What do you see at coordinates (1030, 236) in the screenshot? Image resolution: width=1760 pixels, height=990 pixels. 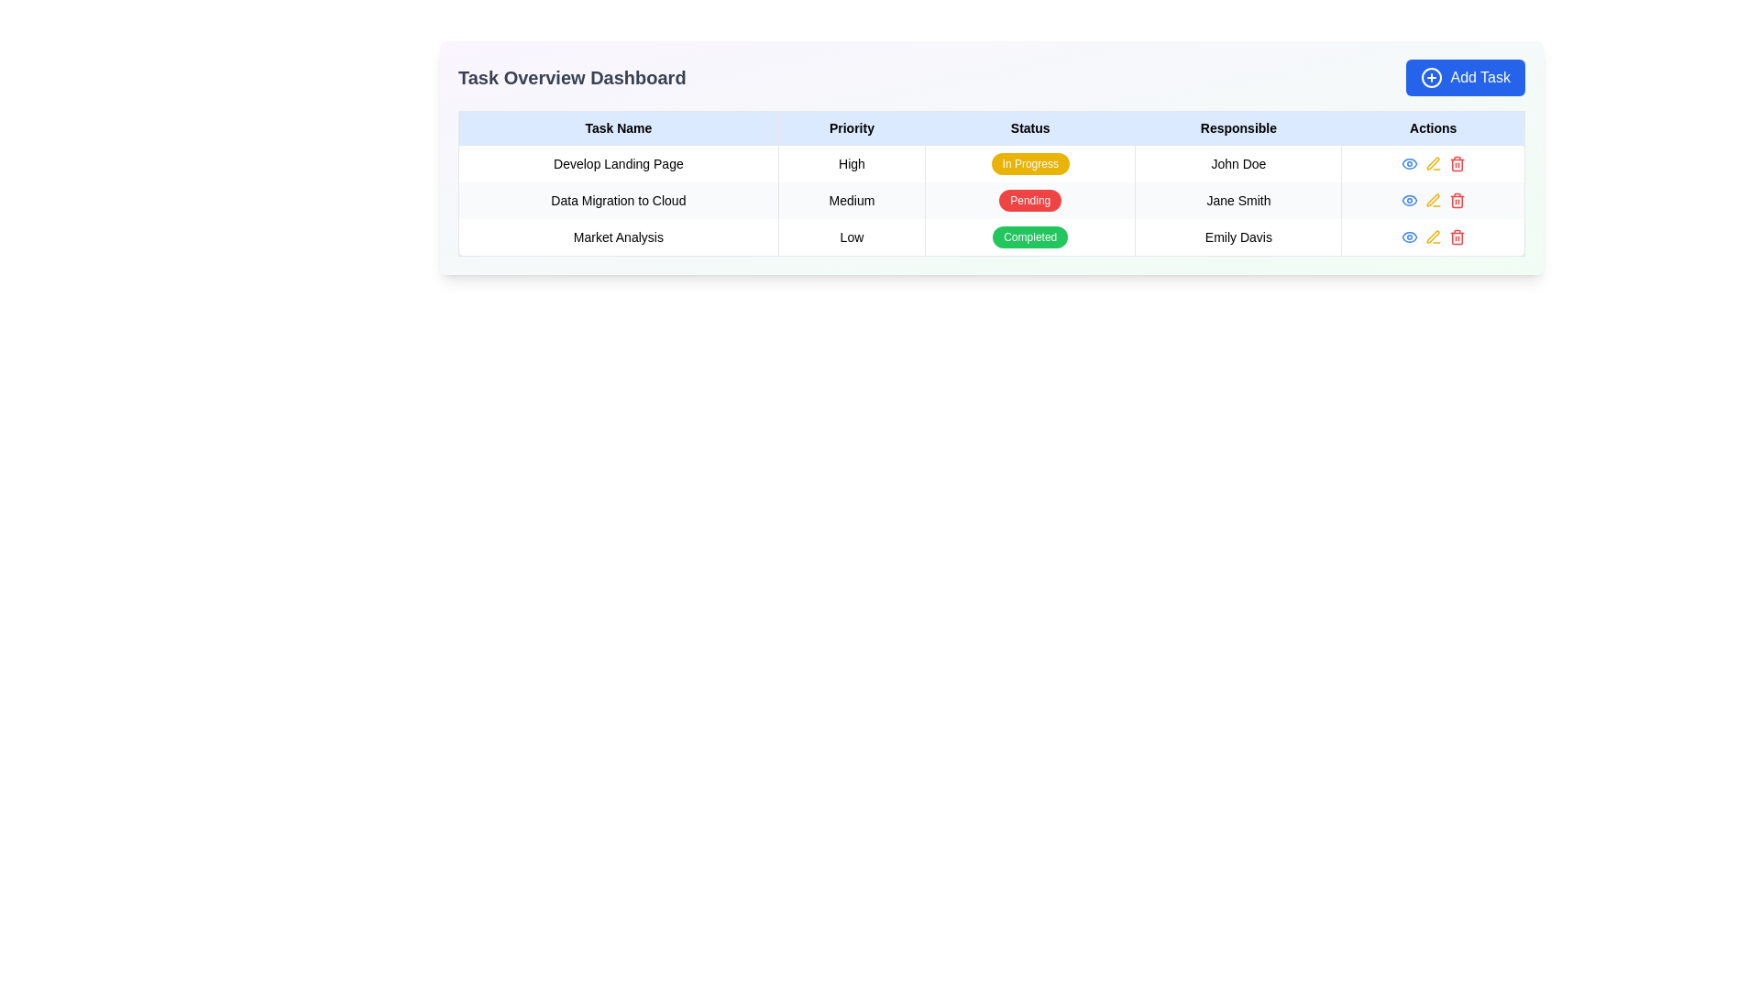 I see `the completion status label for the 'Market Analysis' task located in the 'Status' column, adjacent to the 'Low' priority cell on the left and the 'Emily Davis' responsible cell on the right` at bounding box center [1030, 236].